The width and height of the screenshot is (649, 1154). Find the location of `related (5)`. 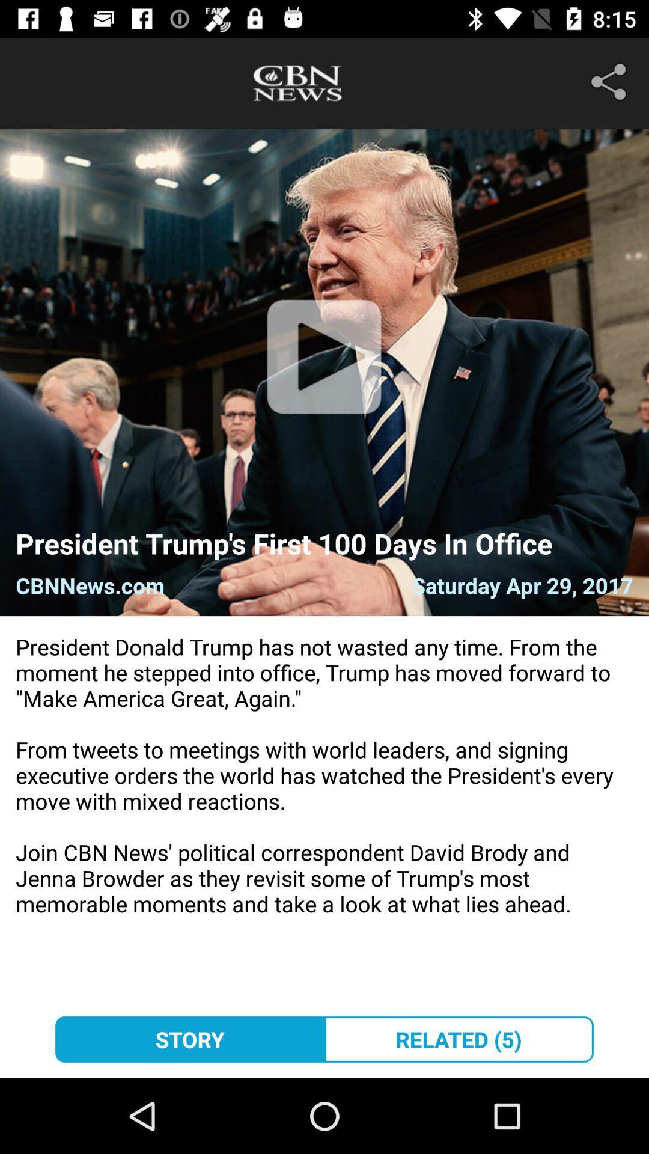

related (5) is located at coordinates (459, 1039).